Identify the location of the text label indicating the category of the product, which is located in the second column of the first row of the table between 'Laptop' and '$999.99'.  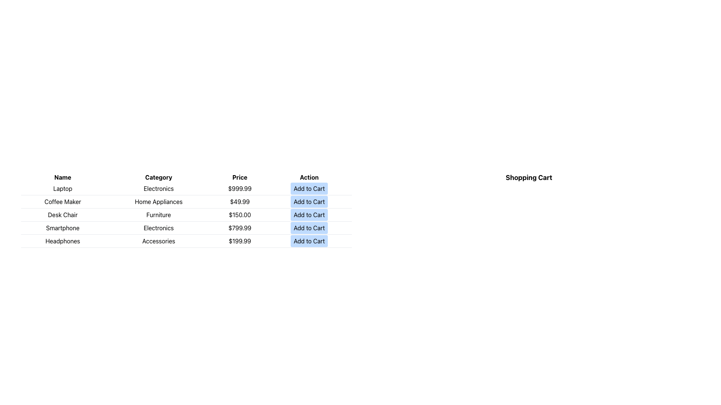
(158, 188).